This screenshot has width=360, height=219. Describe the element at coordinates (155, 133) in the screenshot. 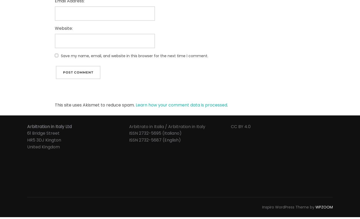

I see `'ISSN 2732-5695 (Italiano)'` at that location.